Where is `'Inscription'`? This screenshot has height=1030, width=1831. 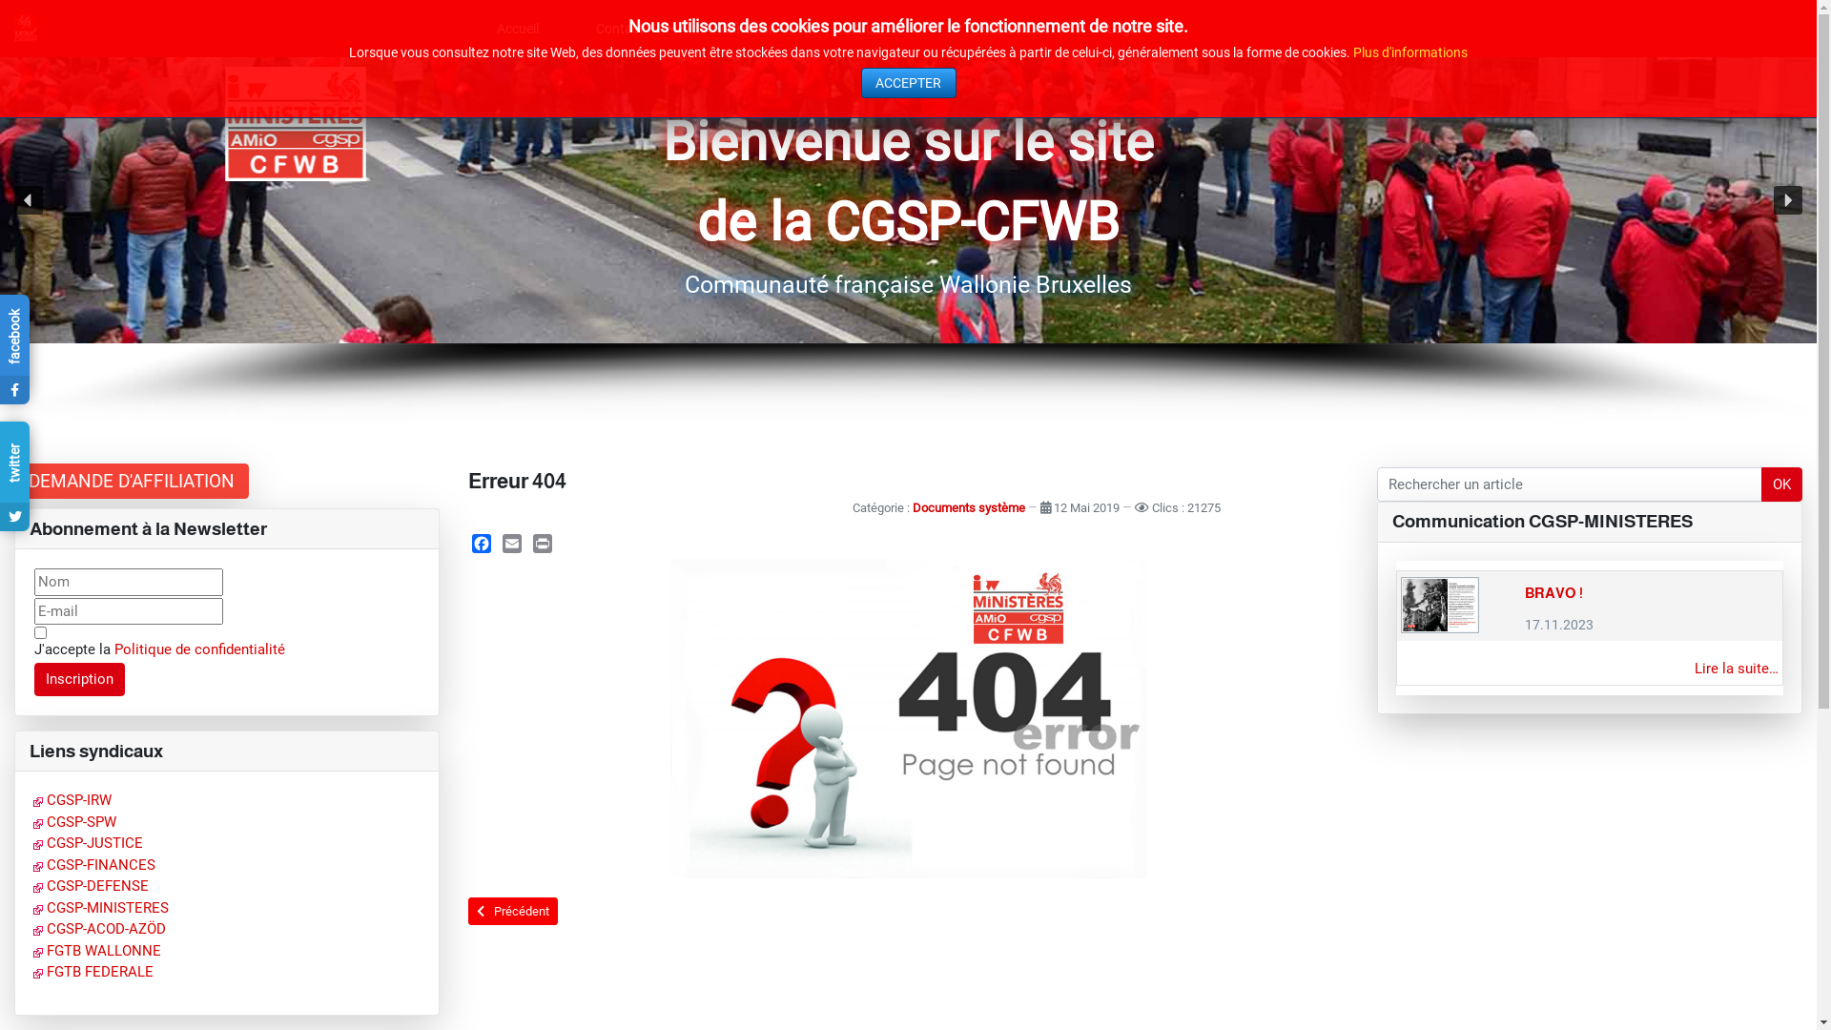
'Inscription' is located at coordinates (79, 679).